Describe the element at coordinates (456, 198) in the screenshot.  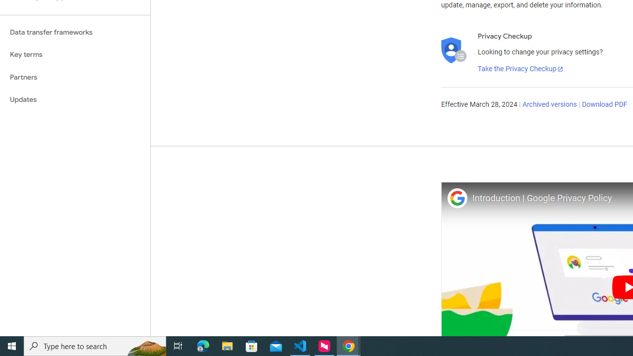
I see `'Photo image of Google'` at that location.